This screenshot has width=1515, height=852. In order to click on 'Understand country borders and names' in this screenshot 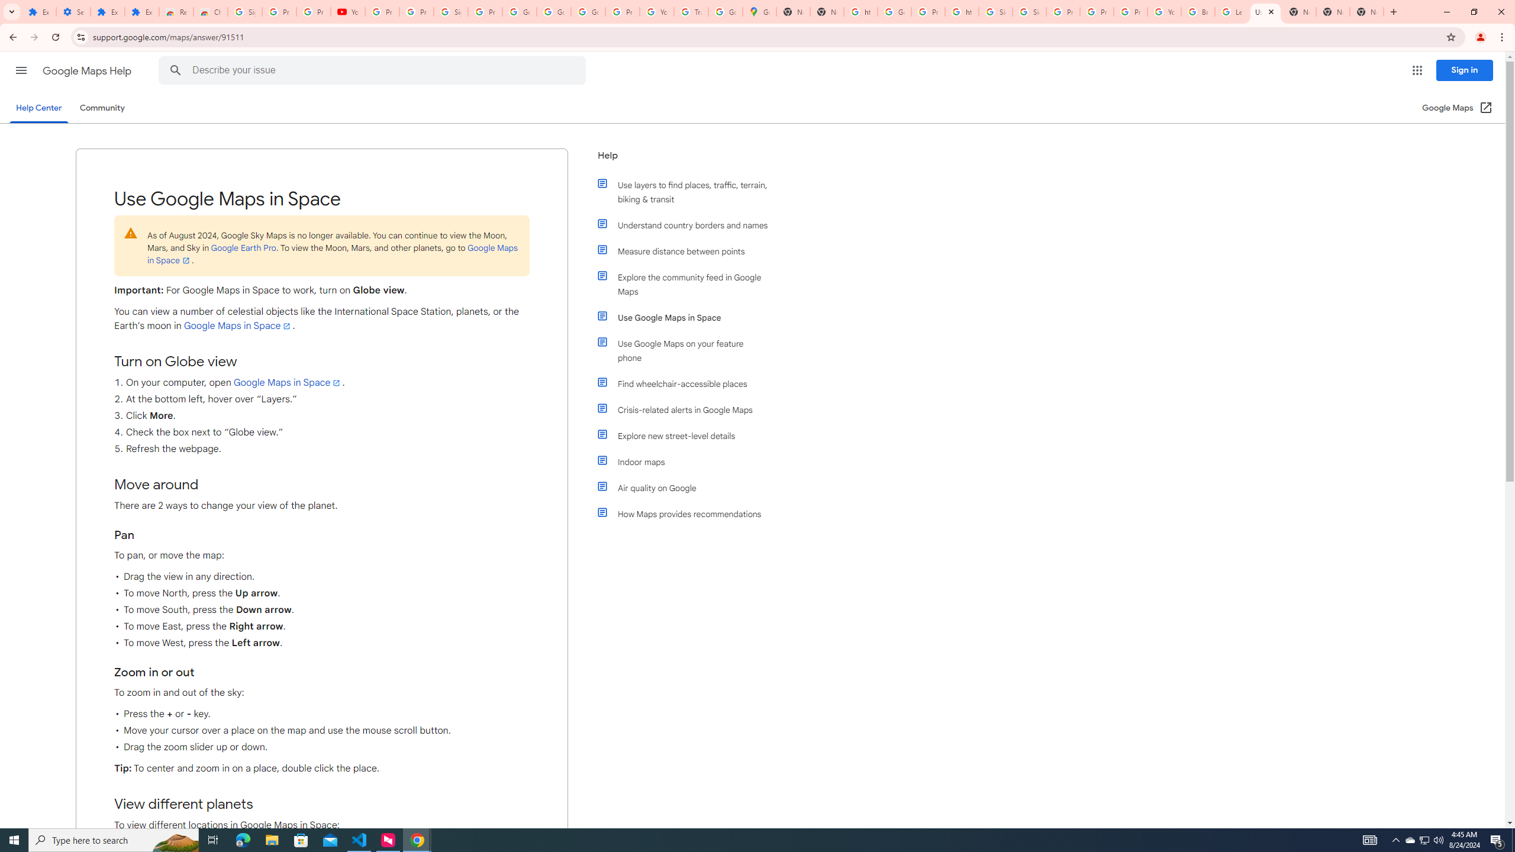, I will do `click(688, 224)`.